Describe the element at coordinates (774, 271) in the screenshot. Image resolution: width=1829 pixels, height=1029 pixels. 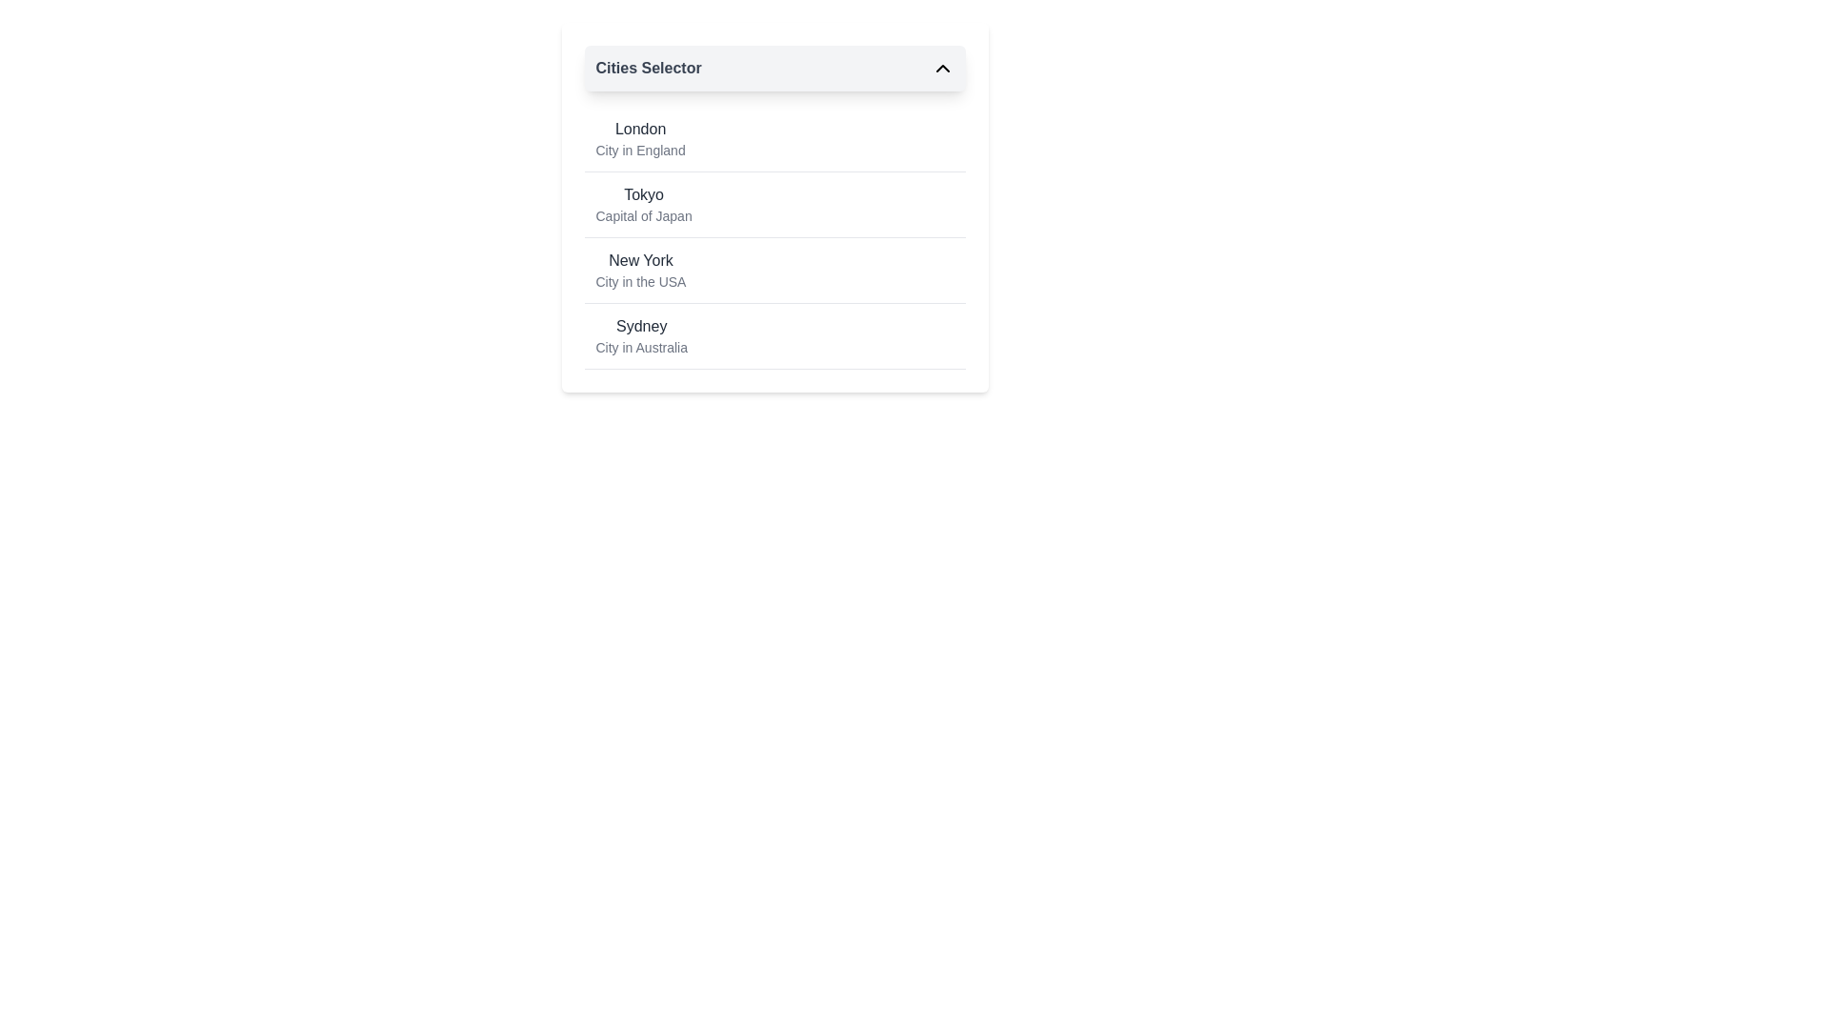
I see `the selectable option for the city 'New York' in the dropdown menu labeled 'Cities Selector', which is the third item in the list` at that location.